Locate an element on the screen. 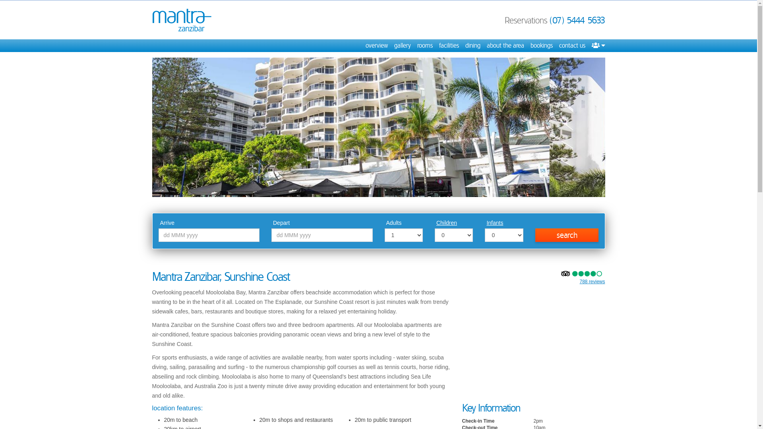 The image size is (763, 429). 'gallery' is located at coordinates (402, 46).